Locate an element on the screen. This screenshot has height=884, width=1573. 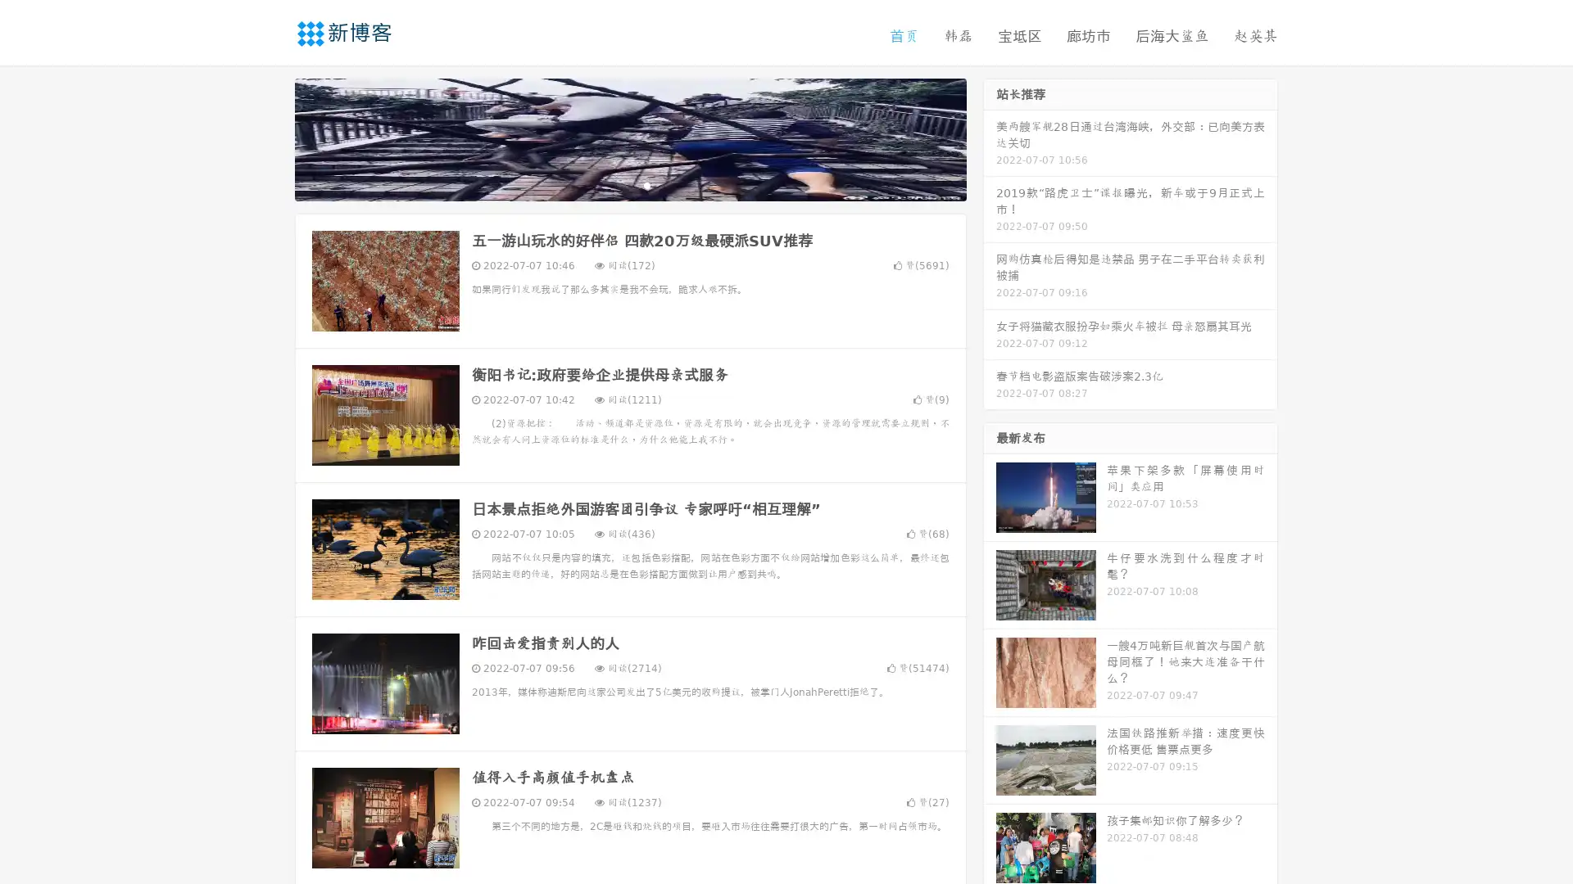
Go to slide 3 is located at coordinates (646, 184).